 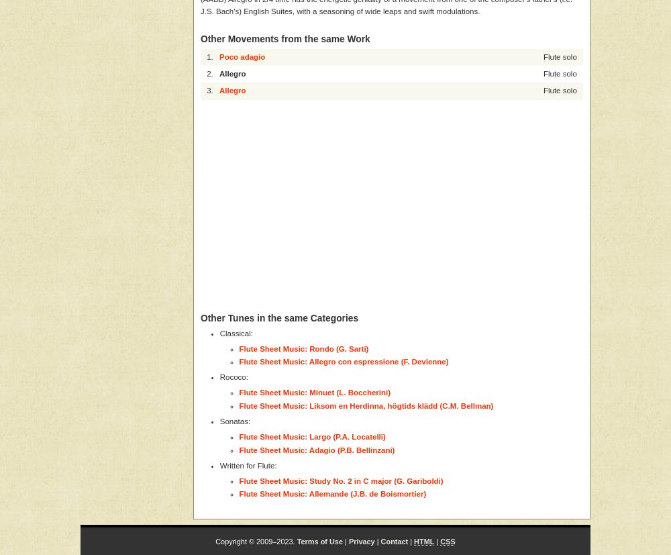 I want to click on 'Rococo:', so click(x=233, y=376).